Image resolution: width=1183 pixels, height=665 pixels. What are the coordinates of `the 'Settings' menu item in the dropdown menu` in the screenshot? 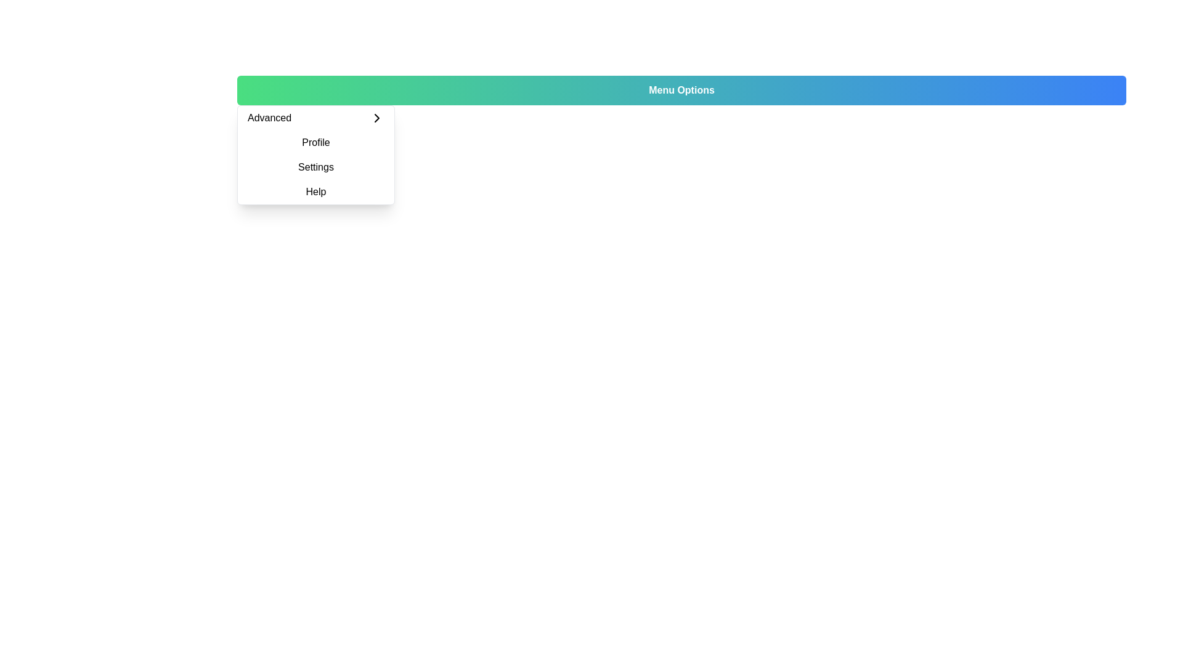 It's located at (316, 154).